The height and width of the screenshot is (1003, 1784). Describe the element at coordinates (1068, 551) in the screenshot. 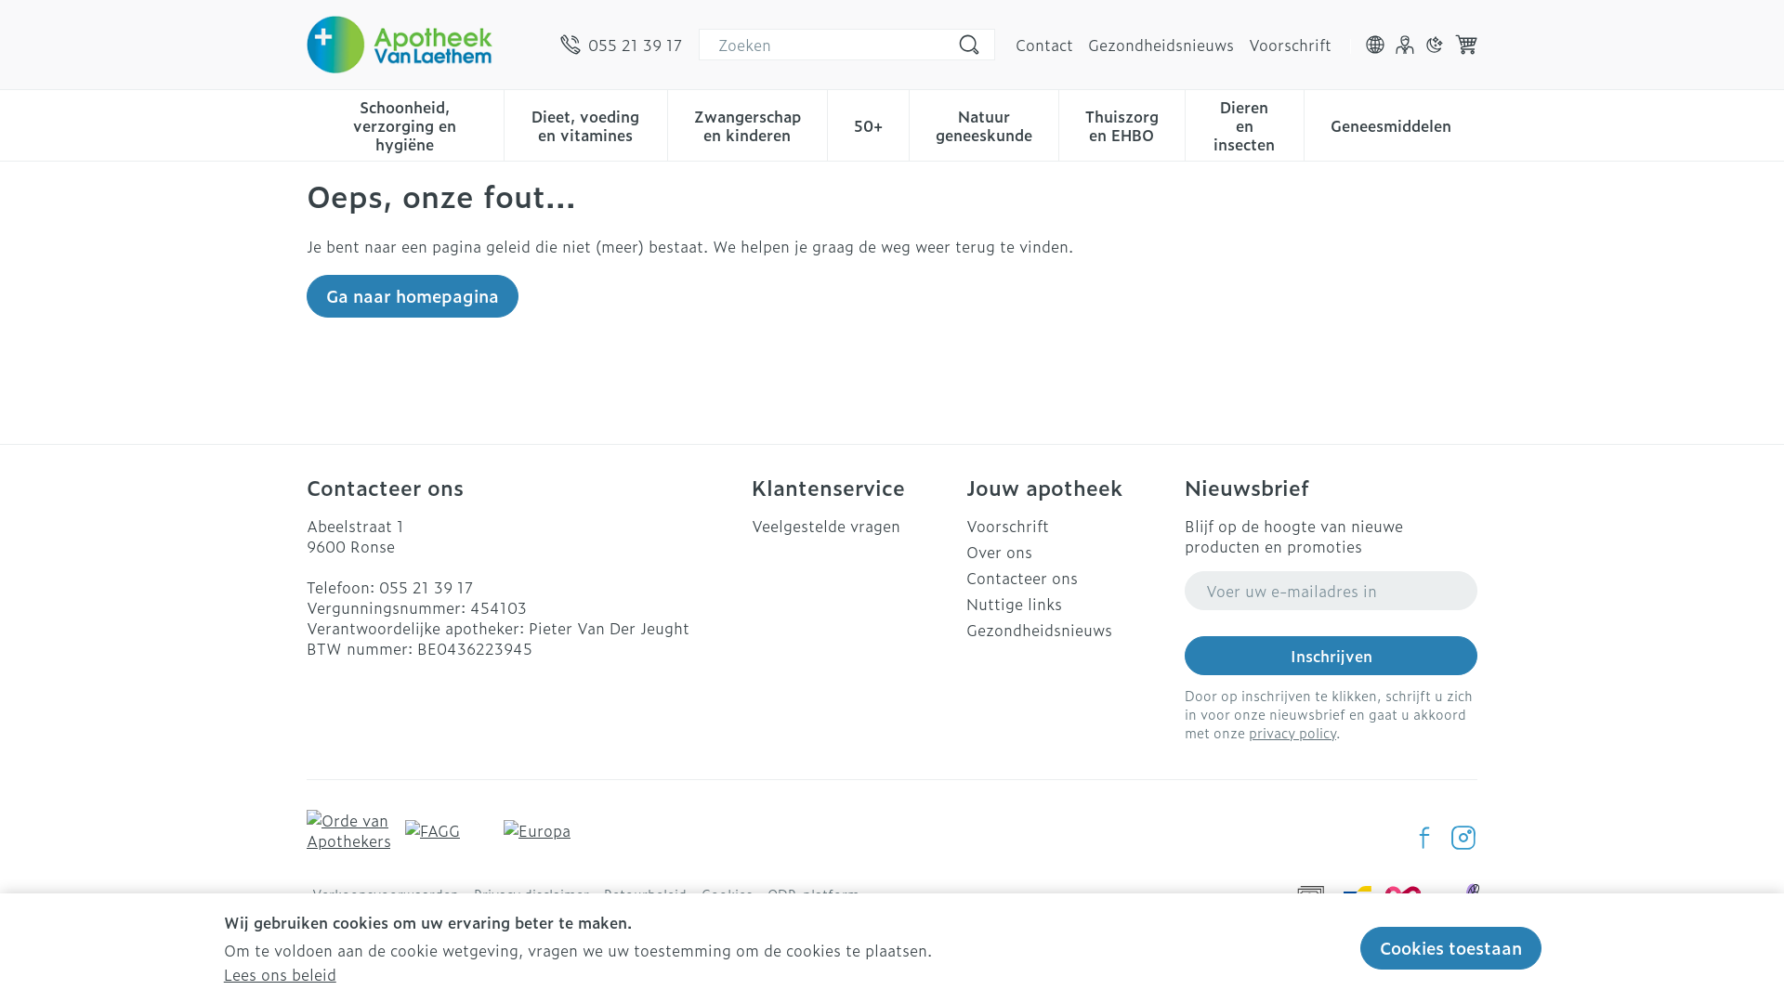

I see `'Over ons'` at that location.